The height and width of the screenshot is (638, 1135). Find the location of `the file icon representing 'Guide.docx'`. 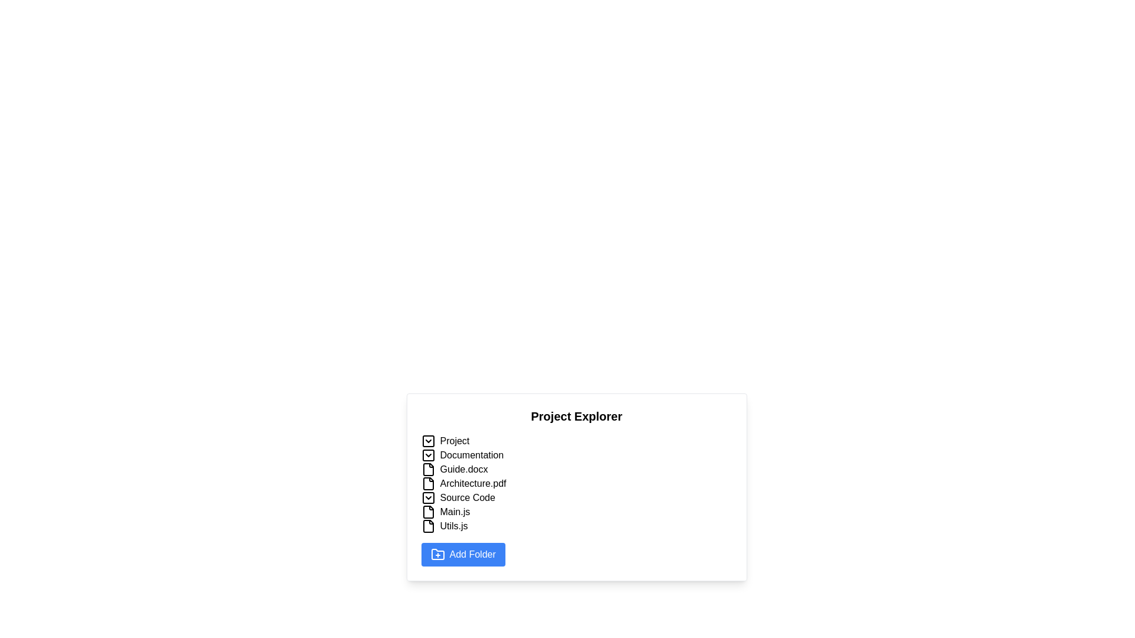

the file icon representing 'Guide.docx' is located at coordinates (427, 468).